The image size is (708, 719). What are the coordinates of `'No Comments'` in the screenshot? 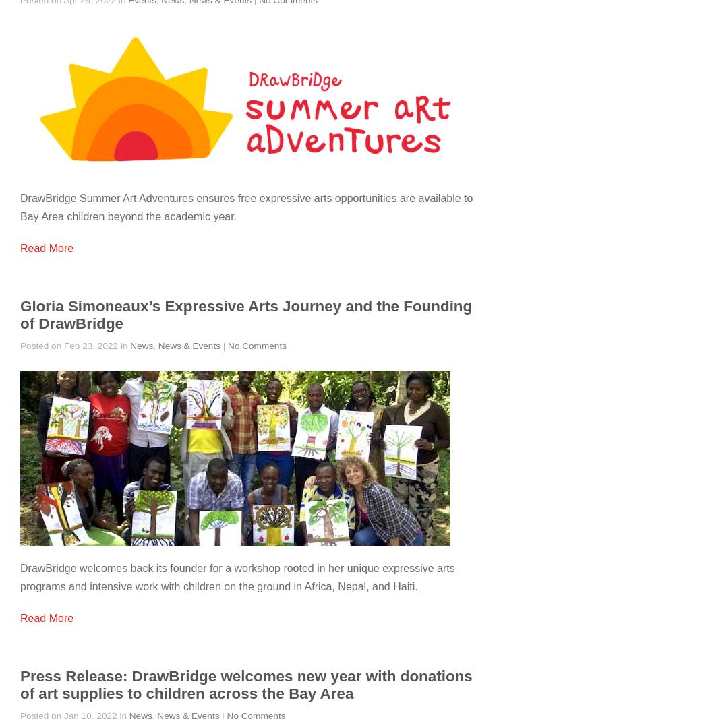 It's located at (227, 345).